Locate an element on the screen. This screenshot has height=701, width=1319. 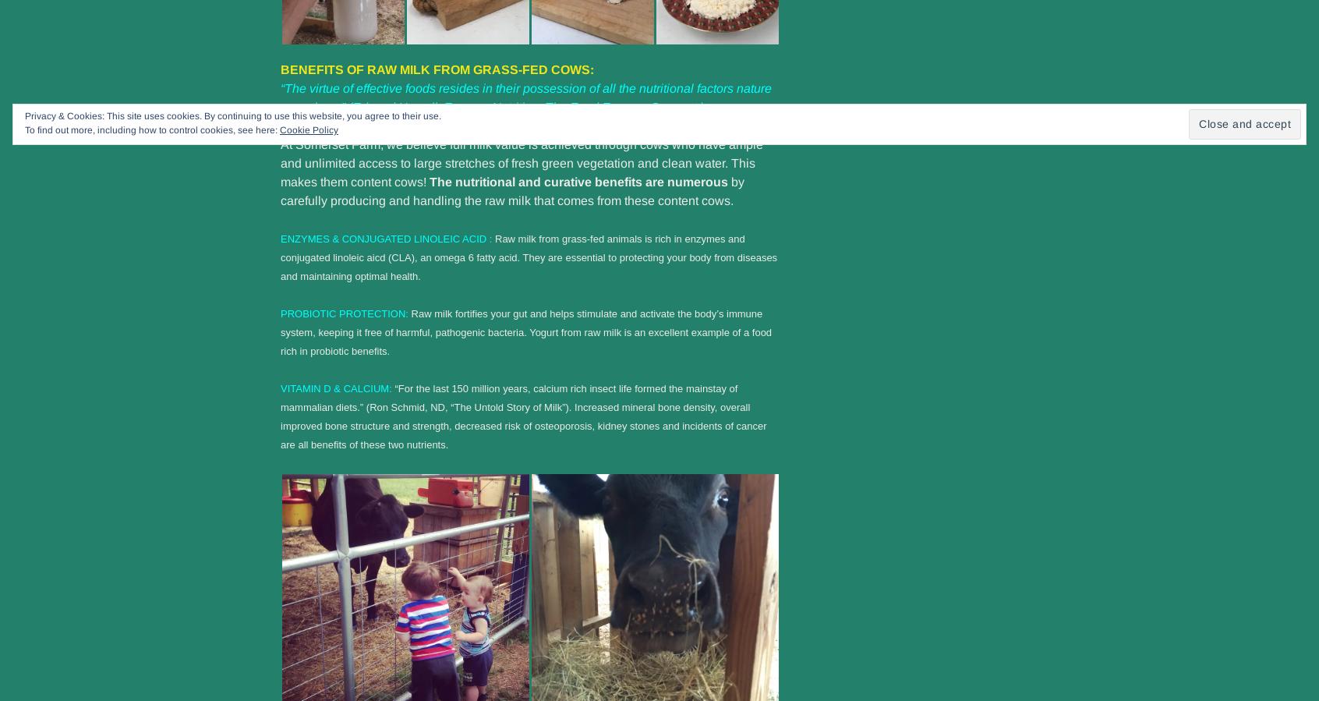
'Cookie Policy' is located at coordinates (280, 130).